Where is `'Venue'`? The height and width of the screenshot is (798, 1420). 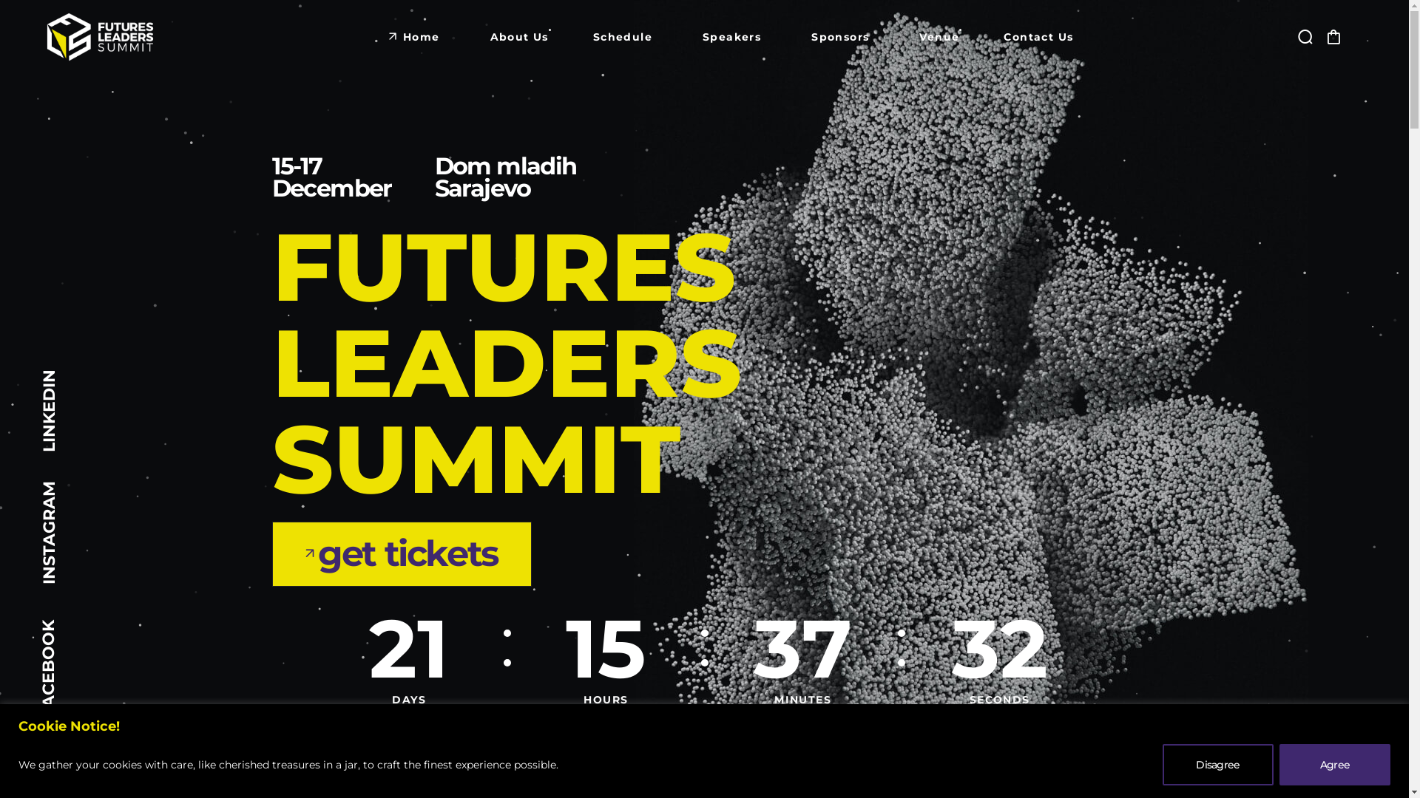
'Venue' is located at coordinates (936, 36).